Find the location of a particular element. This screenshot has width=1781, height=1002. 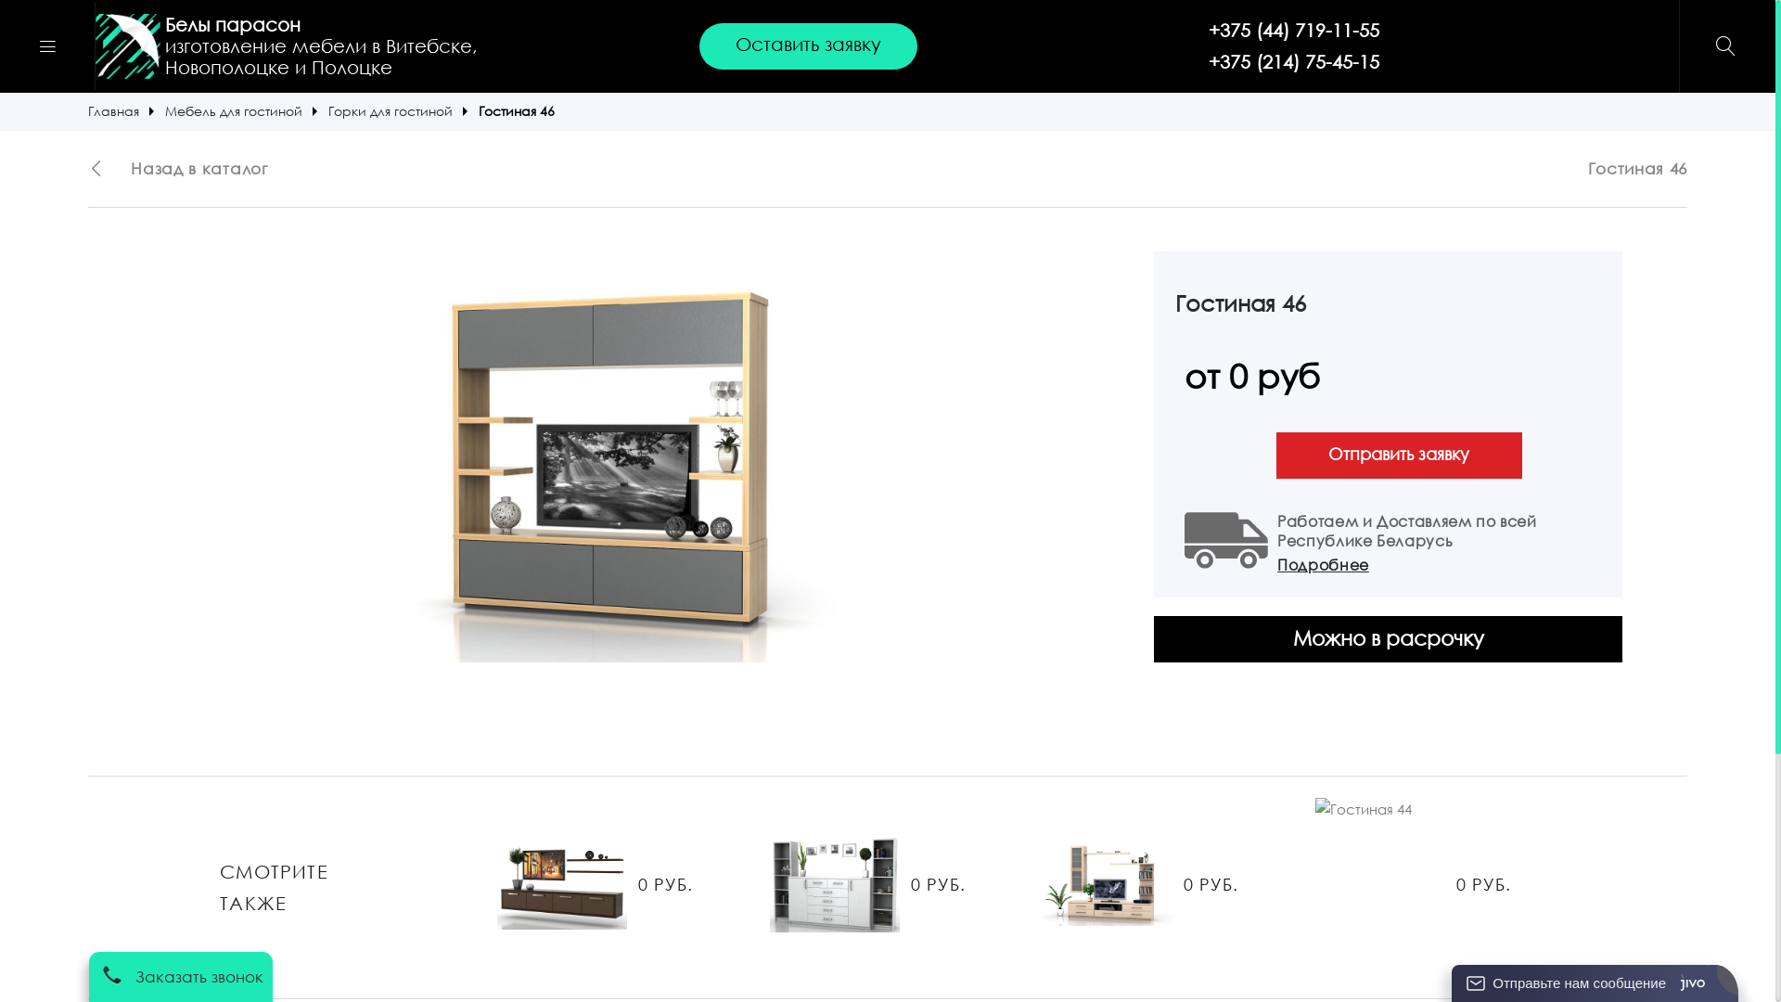

'+375 (214) 75-45-15' is located at coordinates (1293, 60).